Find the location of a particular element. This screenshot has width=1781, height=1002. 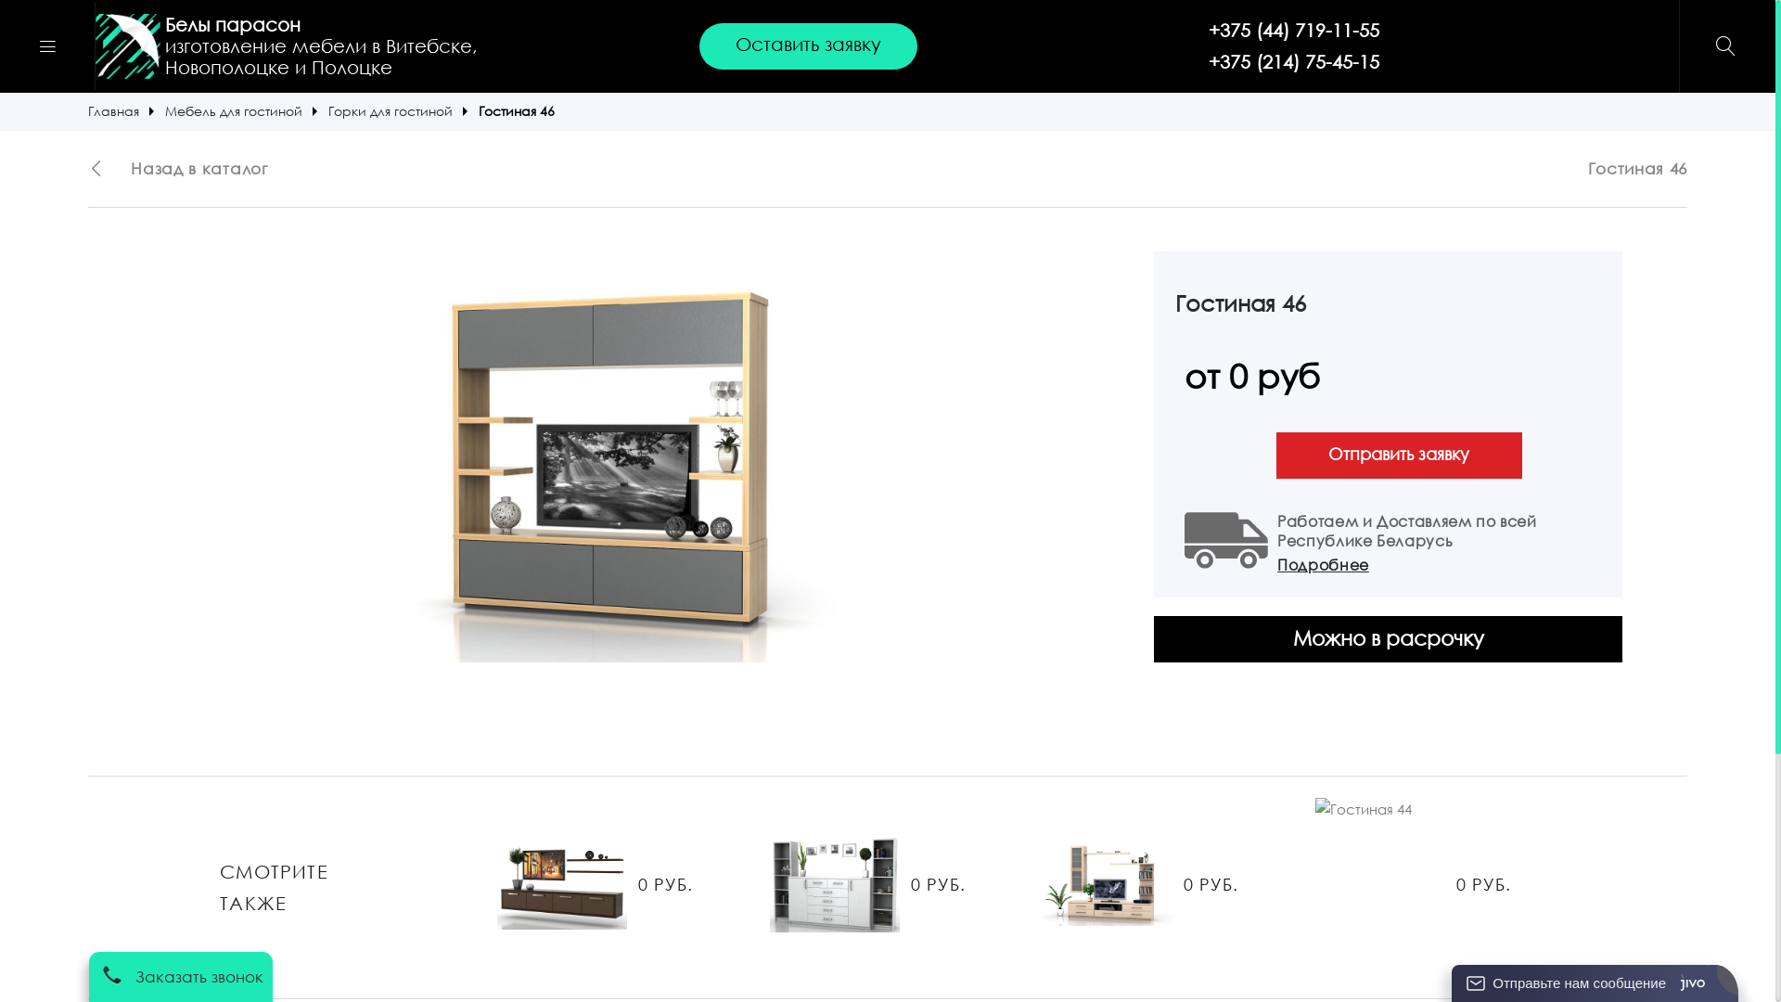

'+375 (214) 75-45-15' is located at coordinates (1293, 60).